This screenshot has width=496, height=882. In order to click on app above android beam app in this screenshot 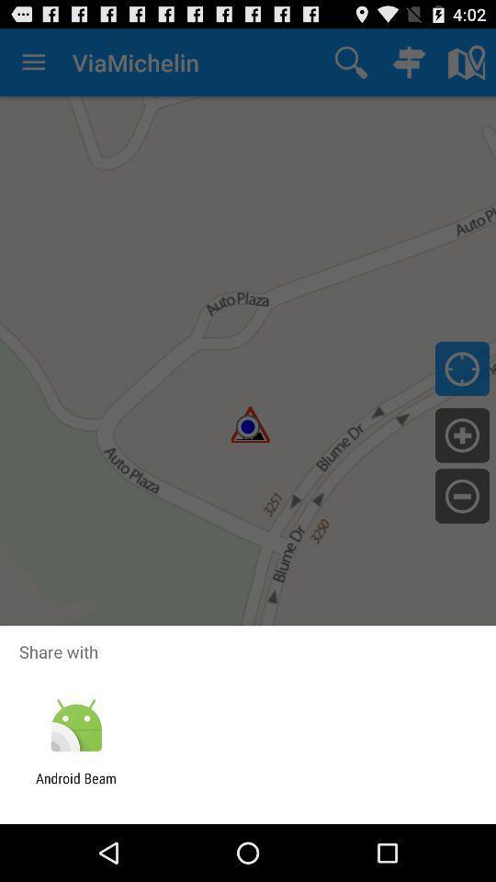, I will do `click(75, 726)`.